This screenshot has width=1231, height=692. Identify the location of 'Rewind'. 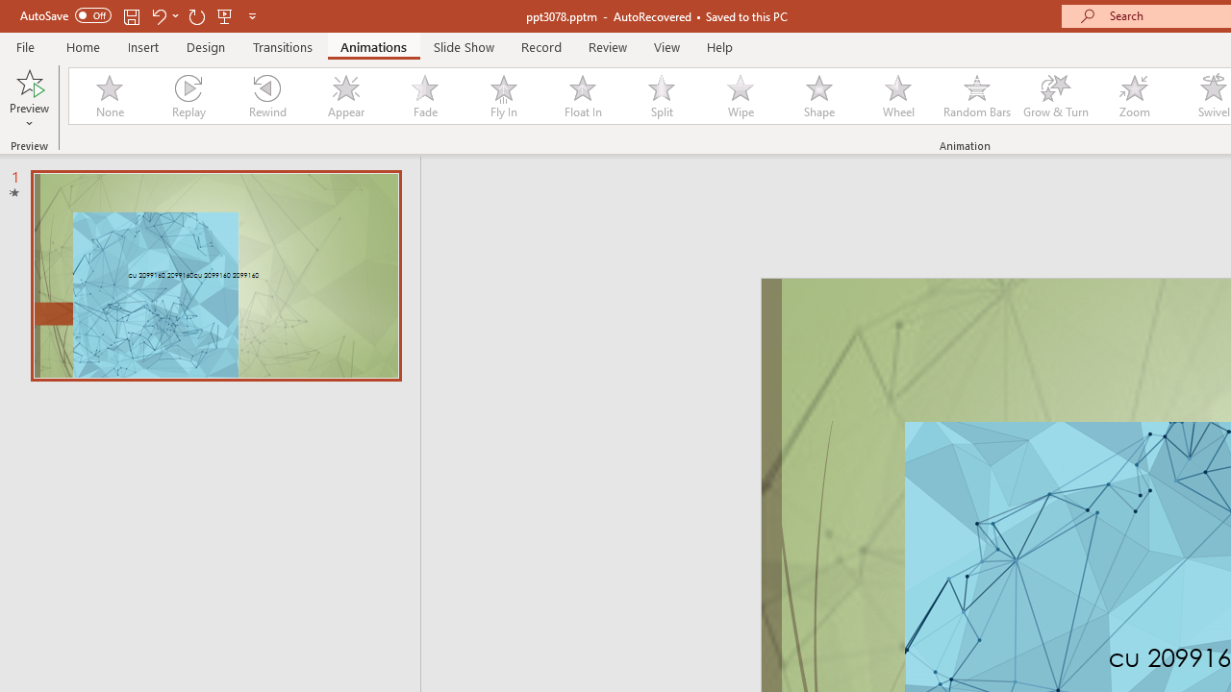
(265, 96).